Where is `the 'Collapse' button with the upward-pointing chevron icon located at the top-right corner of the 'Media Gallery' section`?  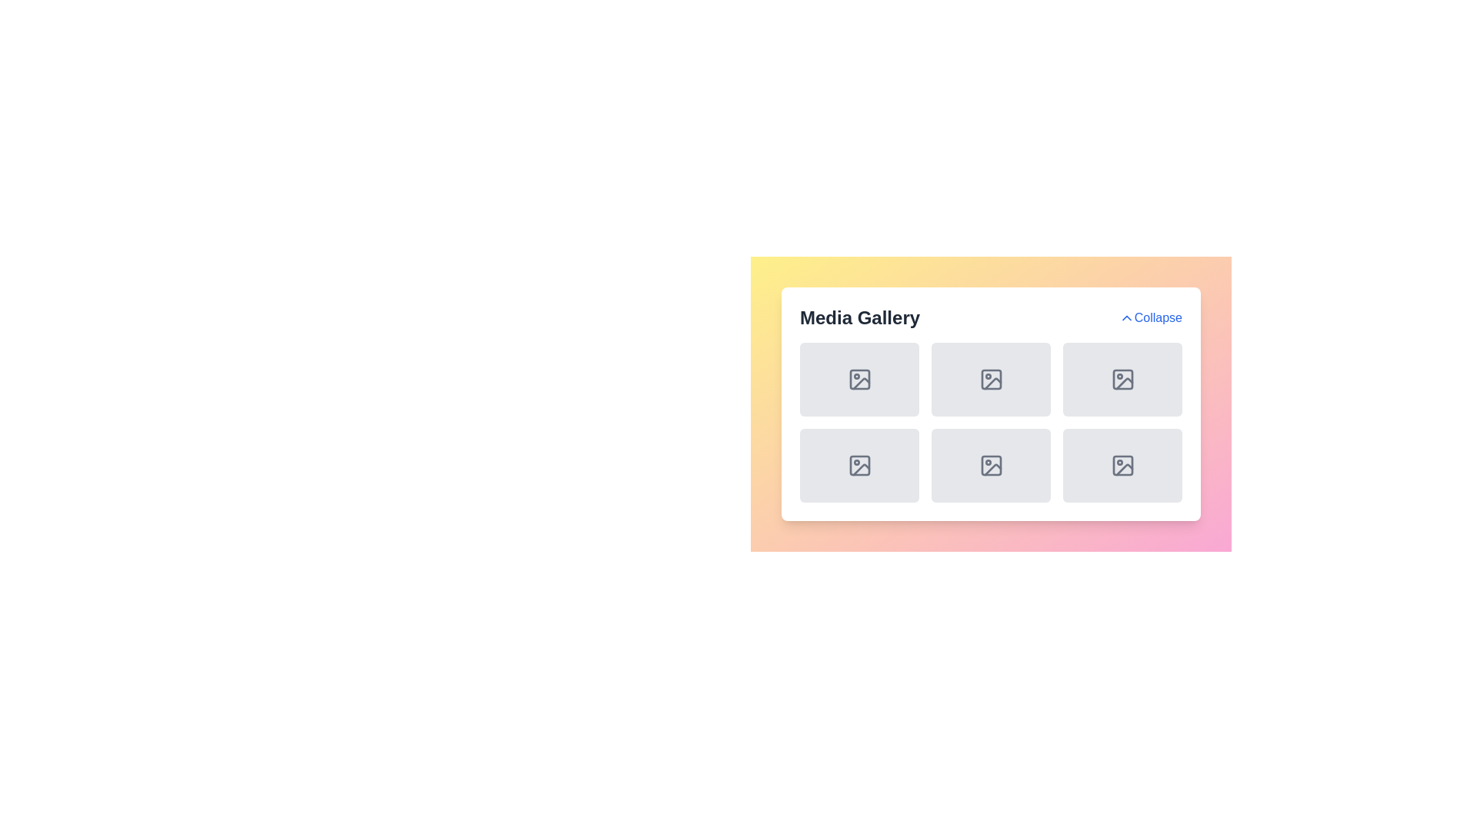 the 'Collapse' button with the upward-pointing chevron icon located at the top-right corner of the 'Media Gallery' section is located at coordinates (1150, 317).